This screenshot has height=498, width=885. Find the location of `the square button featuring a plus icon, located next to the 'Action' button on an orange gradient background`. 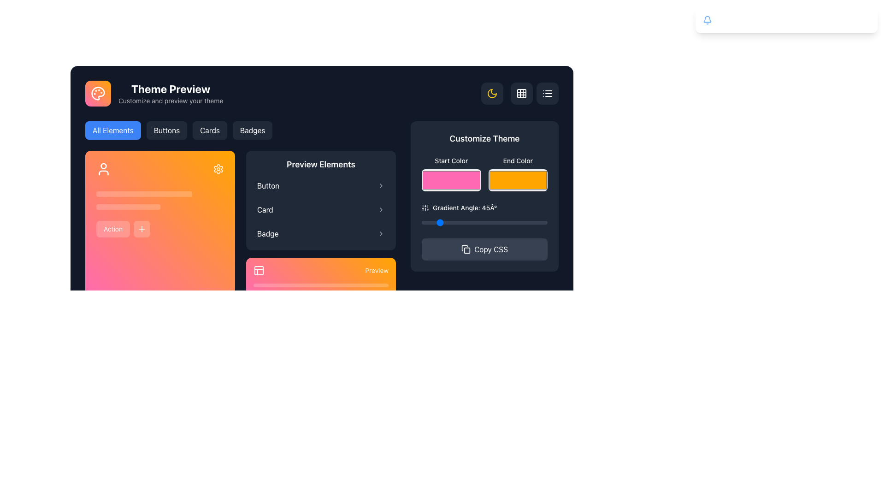

the square button featuring a plus icon, located next to the 'Action' button on an orange gradient background is located at coordinates (141, 229).